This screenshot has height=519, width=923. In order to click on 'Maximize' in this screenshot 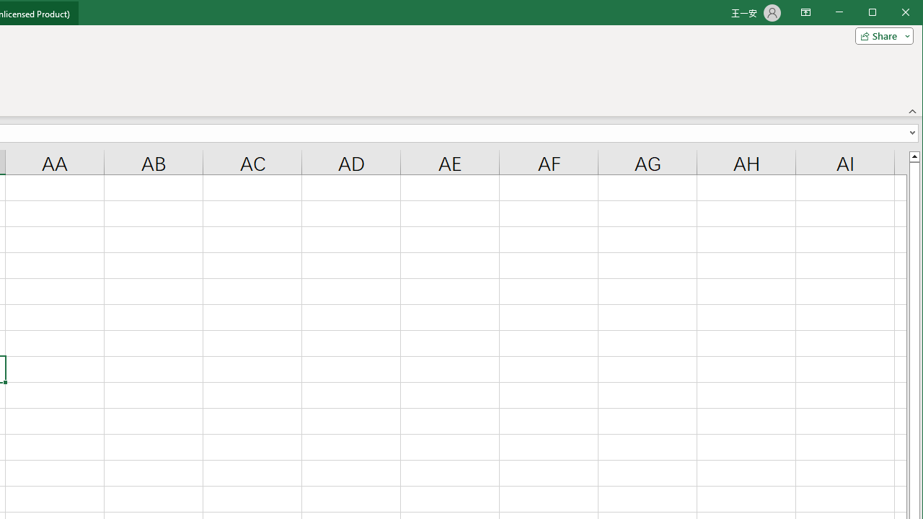, I will do `click(893, 14)`.